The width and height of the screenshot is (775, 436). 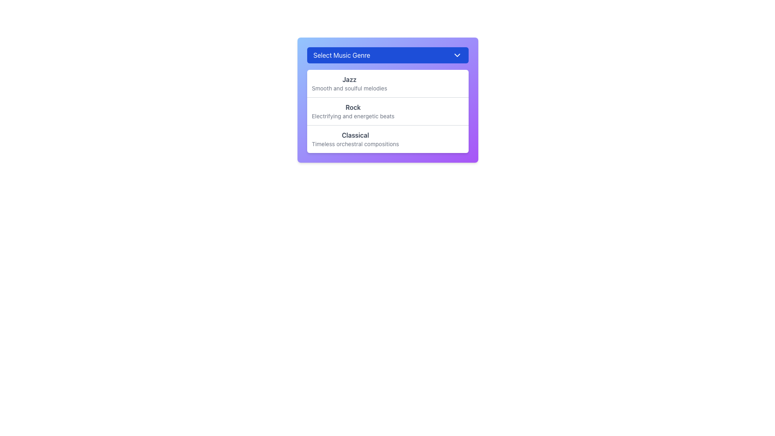 What do you see at coordinates (457, 55) in the screenshot?
I see `the chevron-shaped dropdown toggle icon located in the top-right corner of the 'Select Music Genre' header` at bounding box center [457, 55].